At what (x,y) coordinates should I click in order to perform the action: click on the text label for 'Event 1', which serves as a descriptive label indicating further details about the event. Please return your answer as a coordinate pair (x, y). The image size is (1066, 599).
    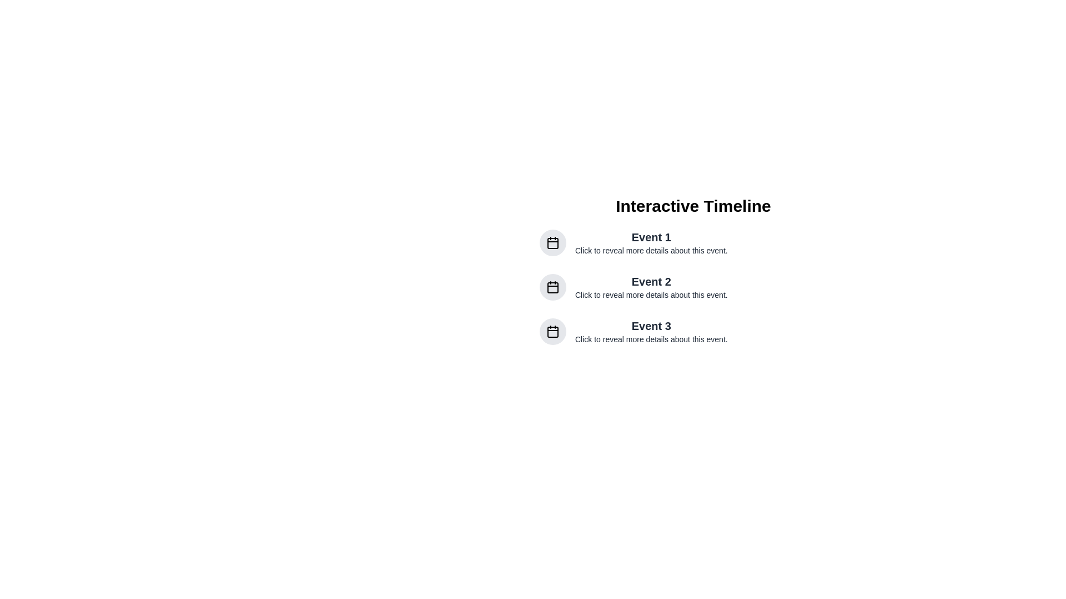
    Looking at the image, I should click on (651, 242).